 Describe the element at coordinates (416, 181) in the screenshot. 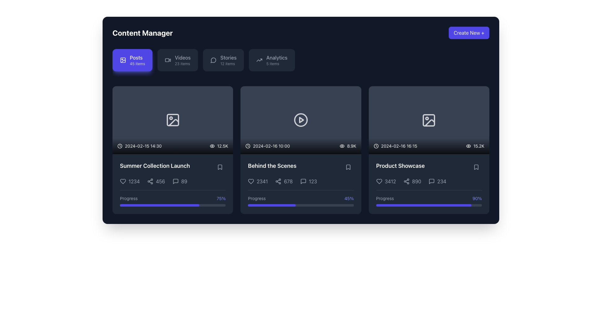

I see `the static text label displaying the numerical count in the third card labeled 'Product Showcase' positioned in the lower section of the card` at that location.